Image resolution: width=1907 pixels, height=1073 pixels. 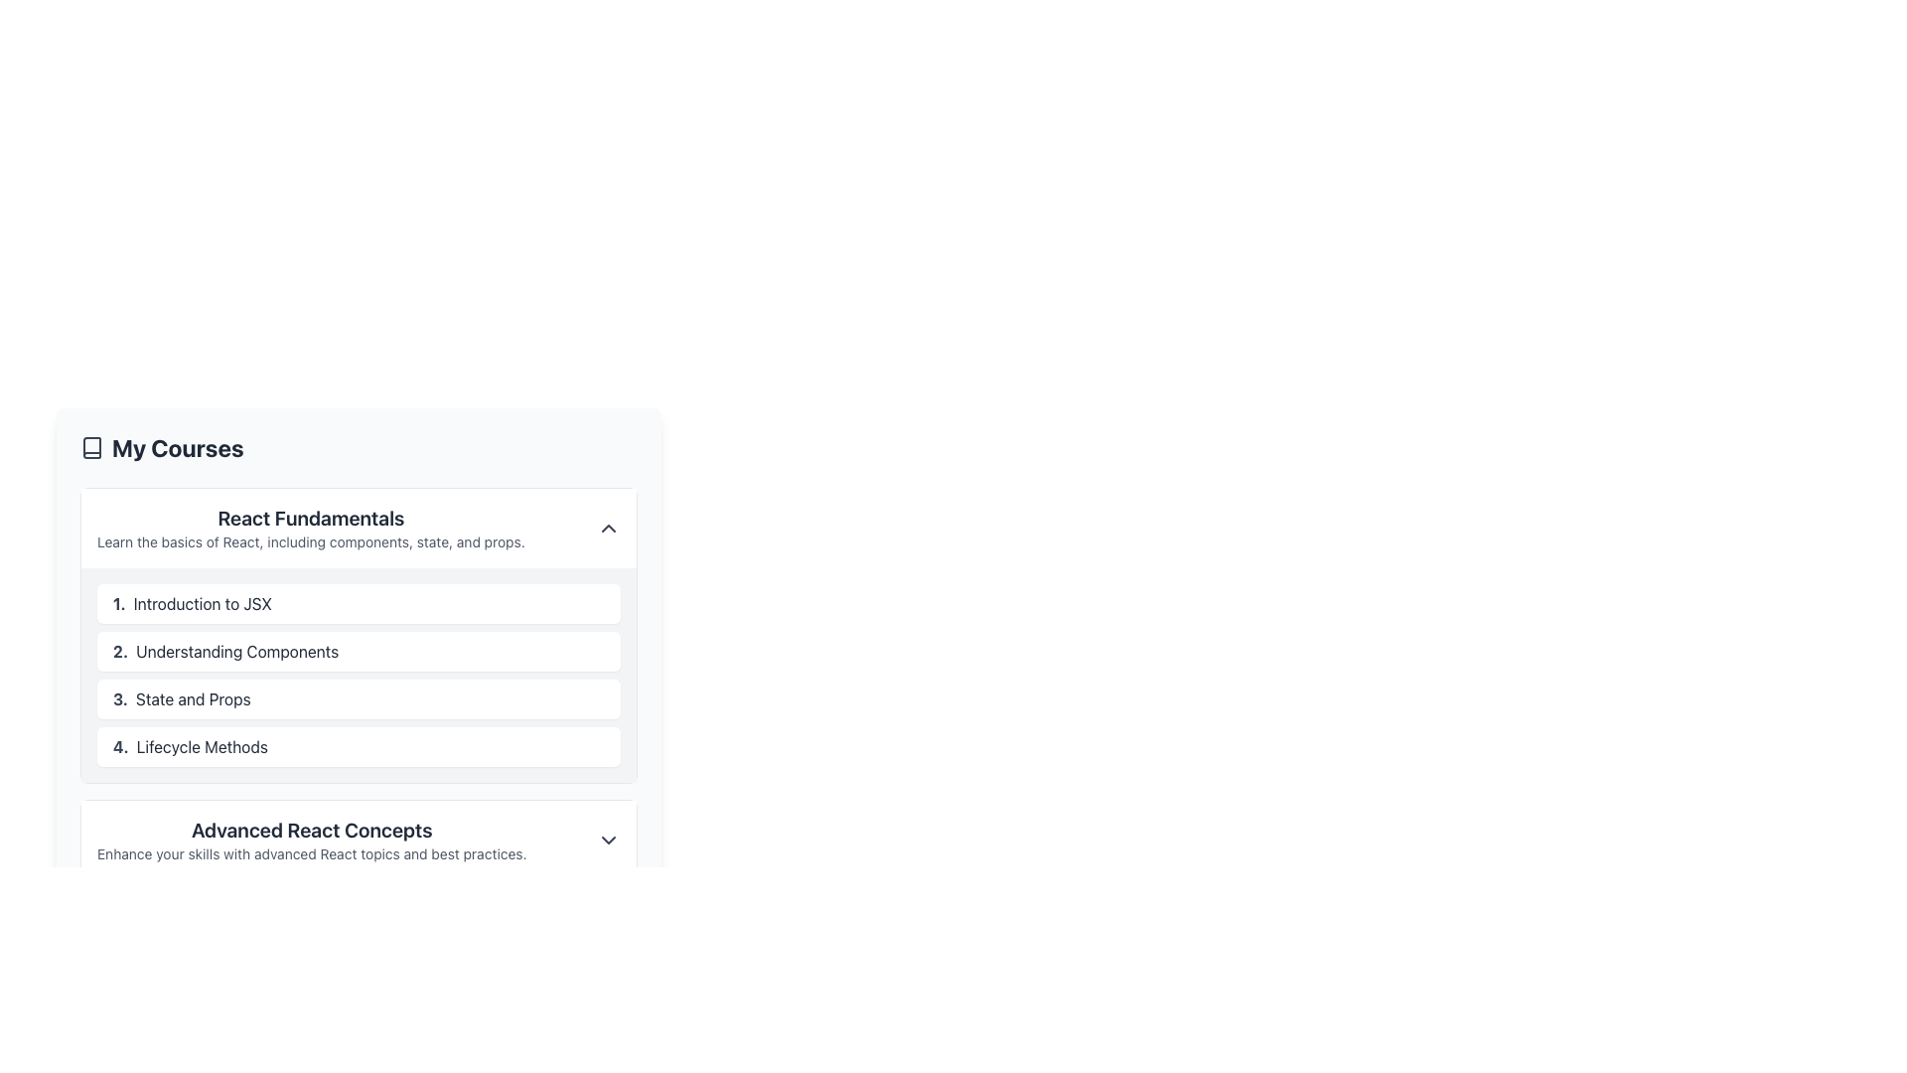 I want to click on the third list item titled 'State and Props' in the 'React Fundamentals' section, so click(x=359, y=698).